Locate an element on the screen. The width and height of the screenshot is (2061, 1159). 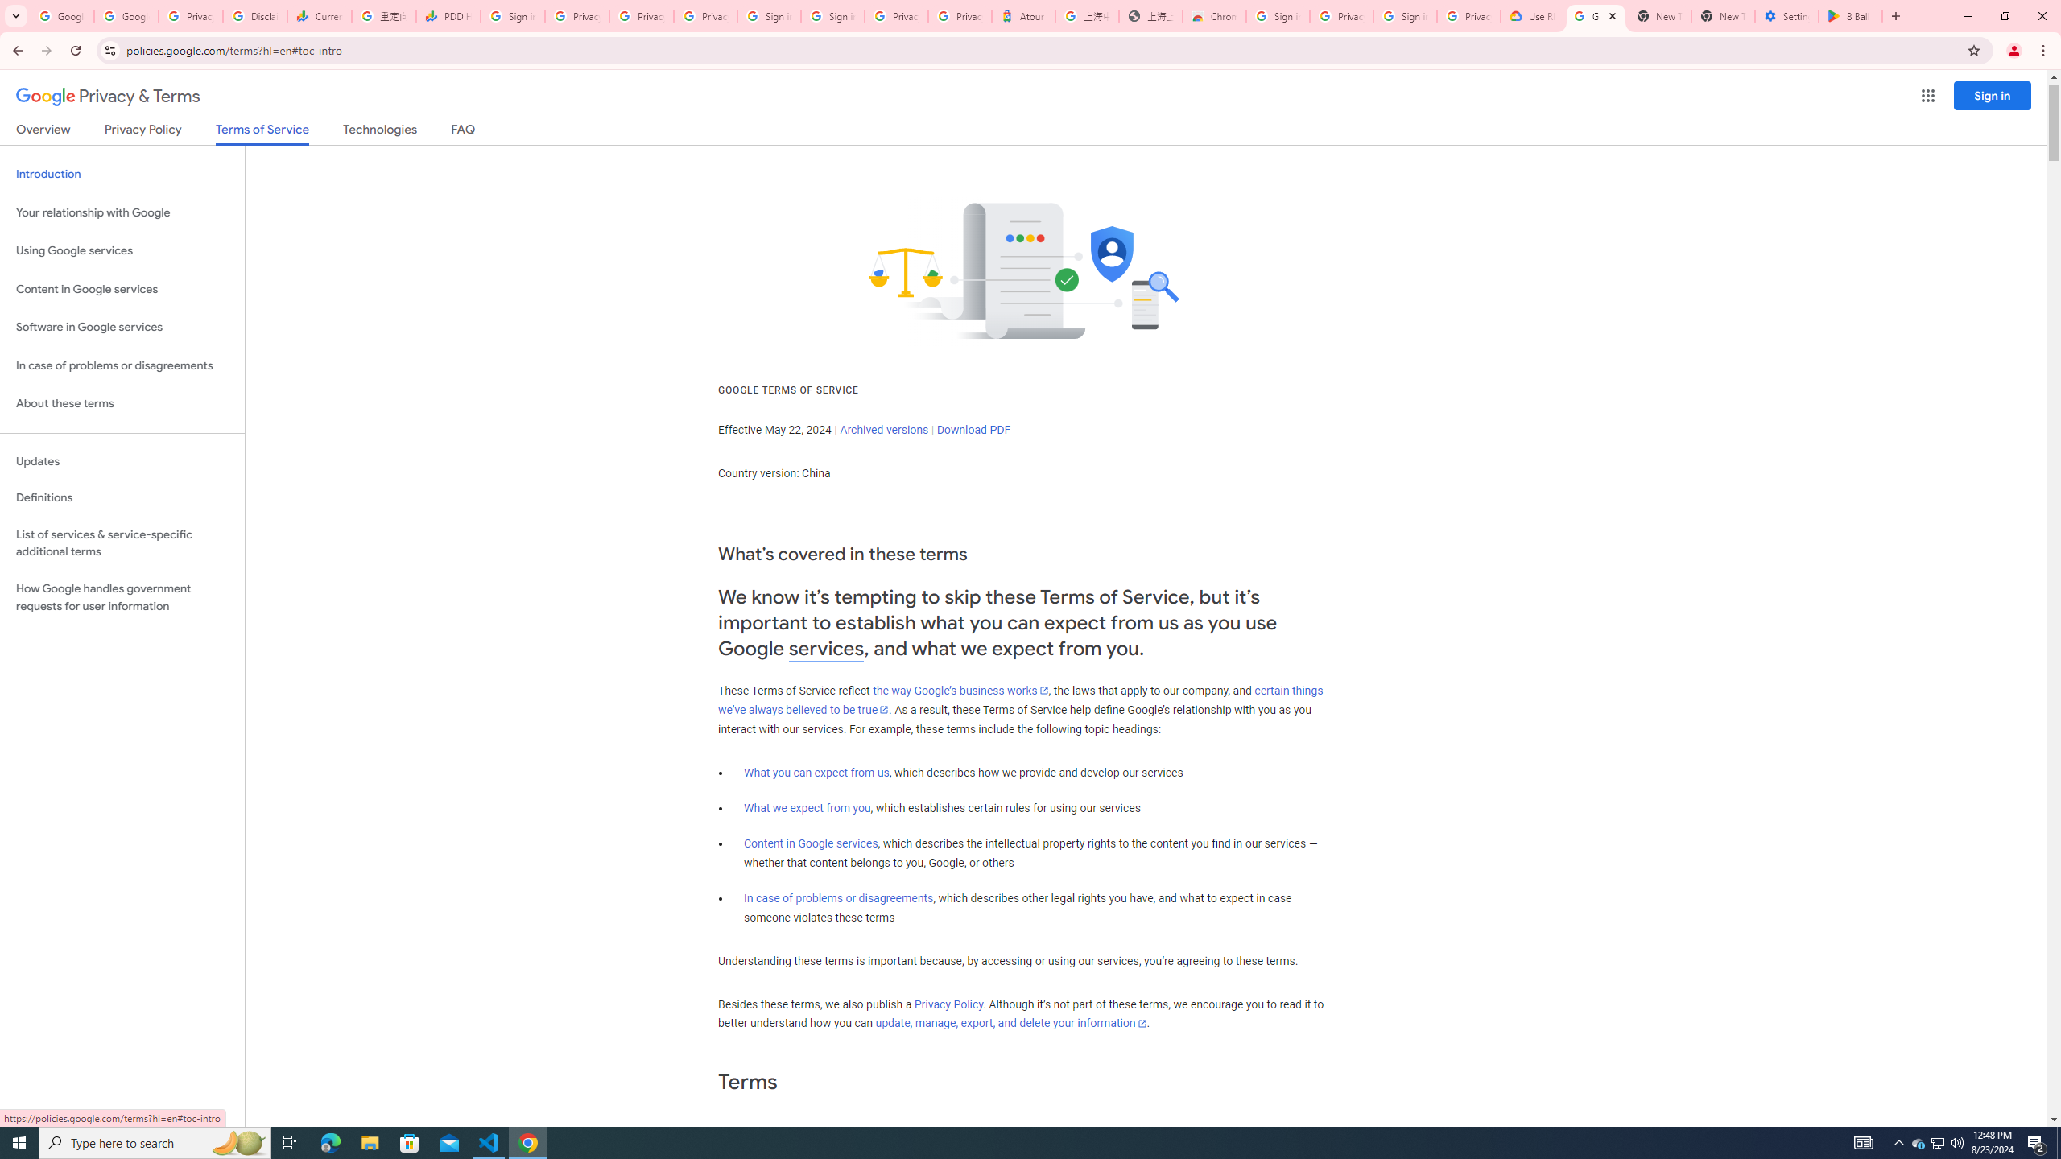
'Download PDF' is located at coordinates (973, 429).